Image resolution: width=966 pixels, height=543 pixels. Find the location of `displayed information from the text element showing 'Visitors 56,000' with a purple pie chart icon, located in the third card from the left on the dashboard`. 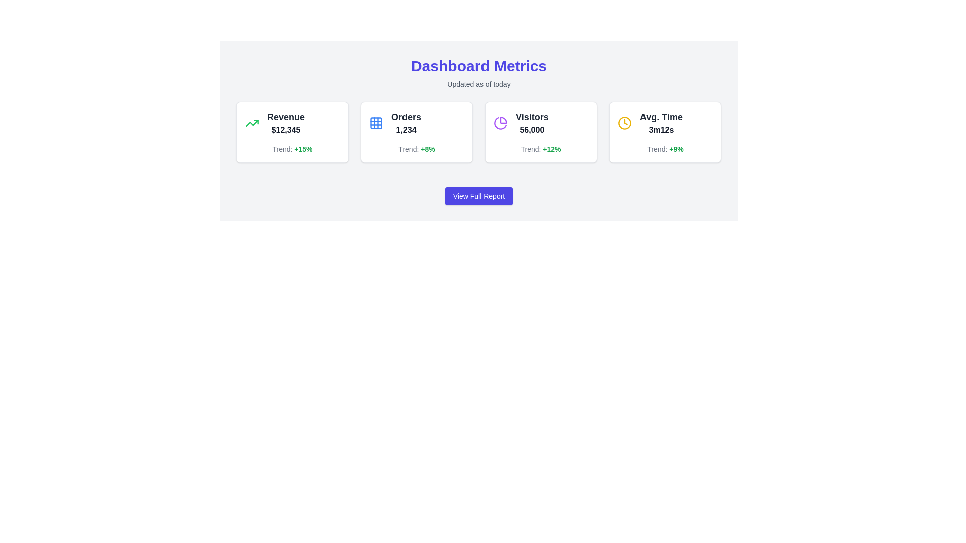

displayed information from the text element showing 'Visitors 56,000' with a purple pie chart icon, located in the third card from the left on the dashboard is located at coordinates (540, 123).